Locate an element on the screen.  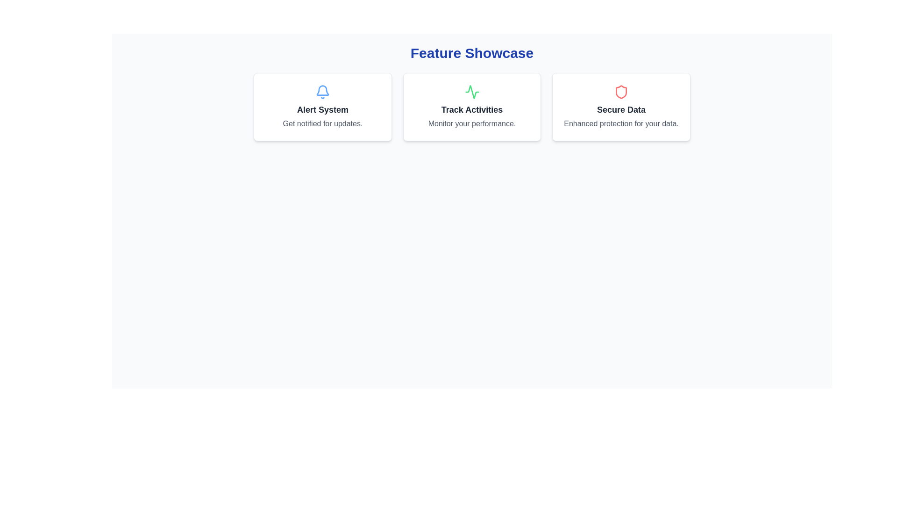
the 'Alert System' text label, which is bold and dark gray, located within a white card below a notification bell icon is located at coordinates (323, 109).